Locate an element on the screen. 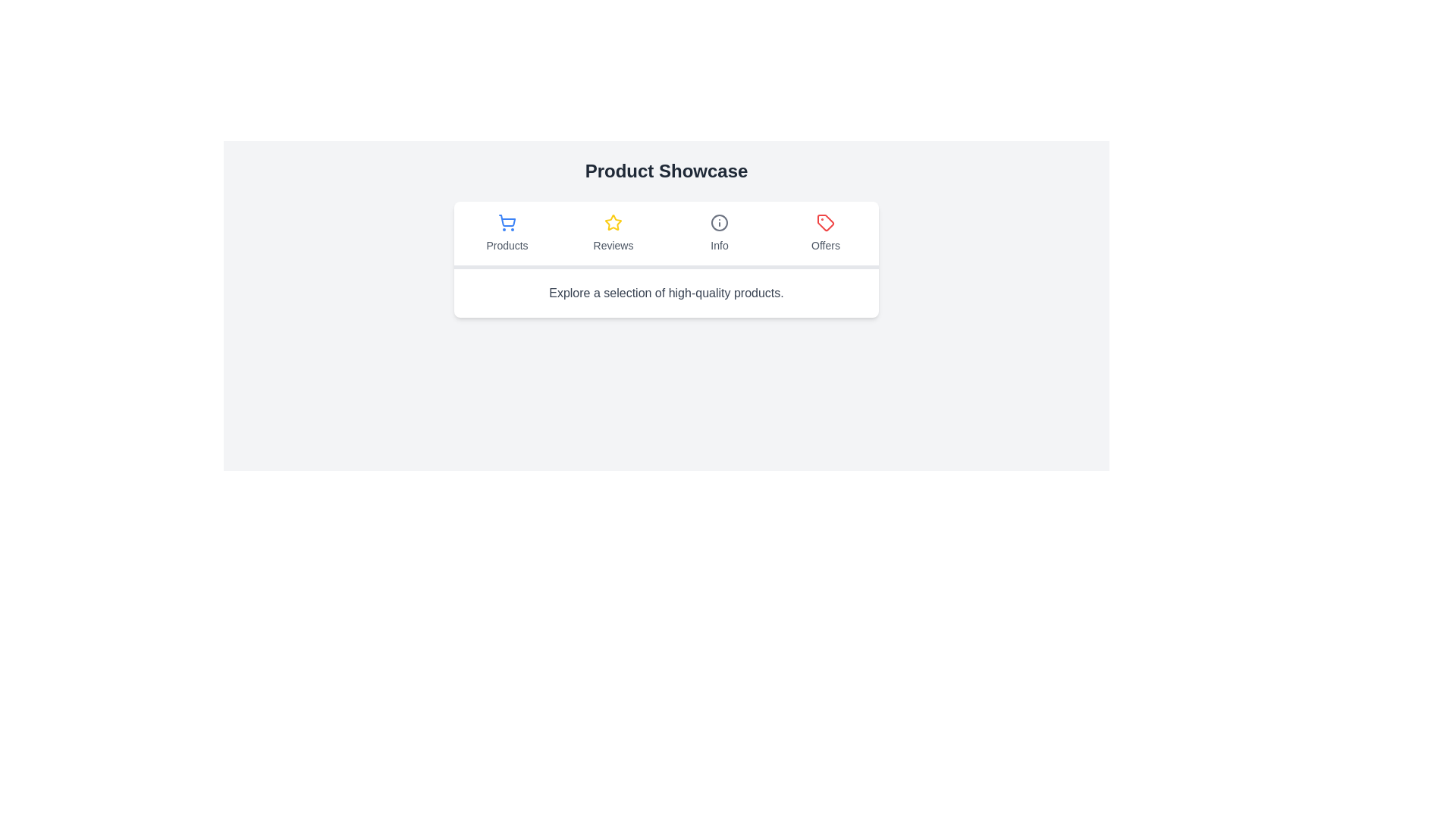  the 'Info' icon located in the navigation tabs of the 'Product Showcase' interface, which serves as an indicator for the 'Info' section is located at coordinates (719, 222).